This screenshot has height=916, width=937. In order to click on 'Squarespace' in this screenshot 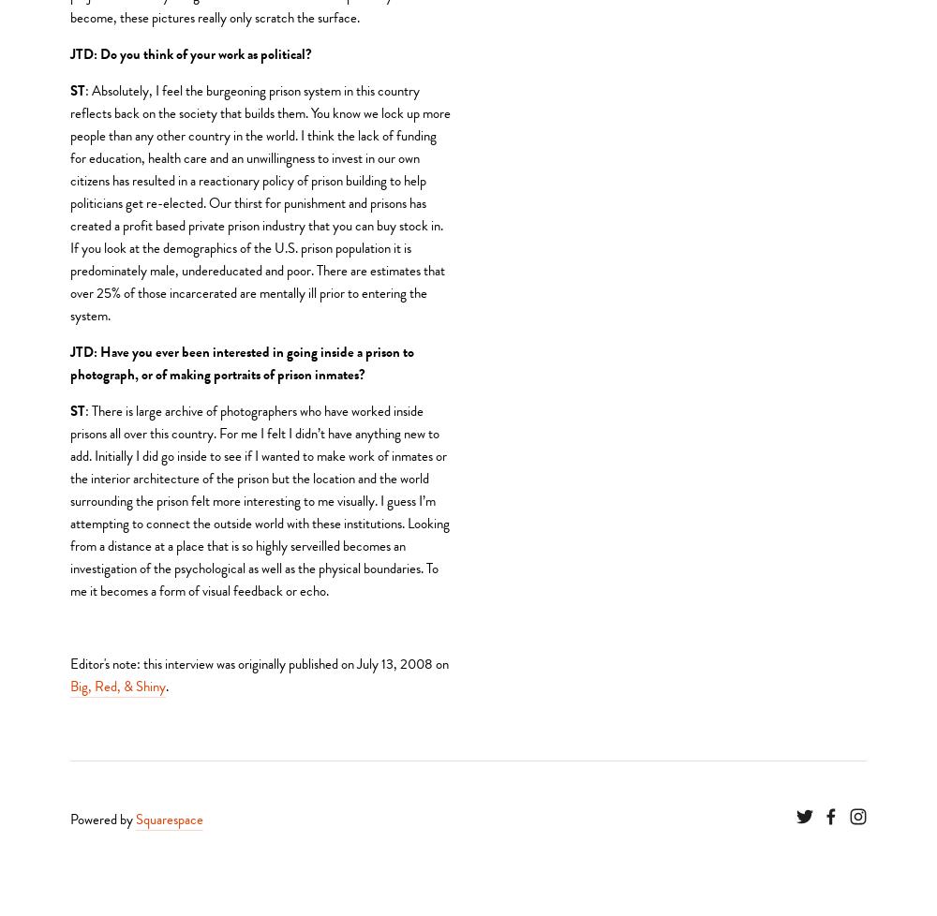, I will do `click(136, 818)`.